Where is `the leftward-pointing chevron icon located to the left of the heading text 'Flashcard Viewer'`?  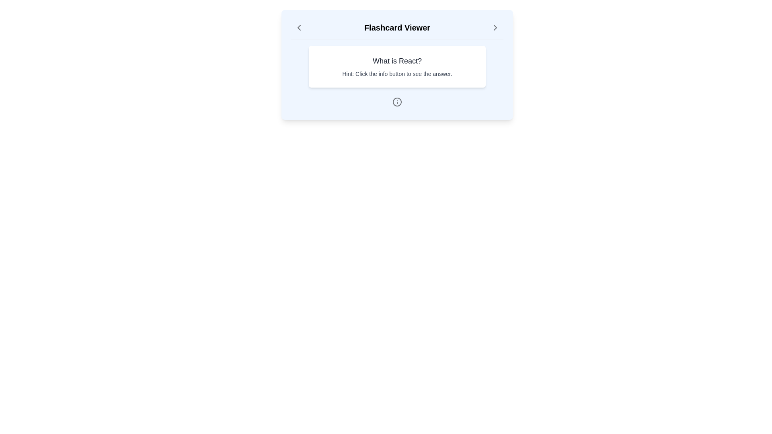
the leftward-pointing chevron icon located to the left of the heading text 'Flashcard Viewer' is located at coordinates (299, 27).